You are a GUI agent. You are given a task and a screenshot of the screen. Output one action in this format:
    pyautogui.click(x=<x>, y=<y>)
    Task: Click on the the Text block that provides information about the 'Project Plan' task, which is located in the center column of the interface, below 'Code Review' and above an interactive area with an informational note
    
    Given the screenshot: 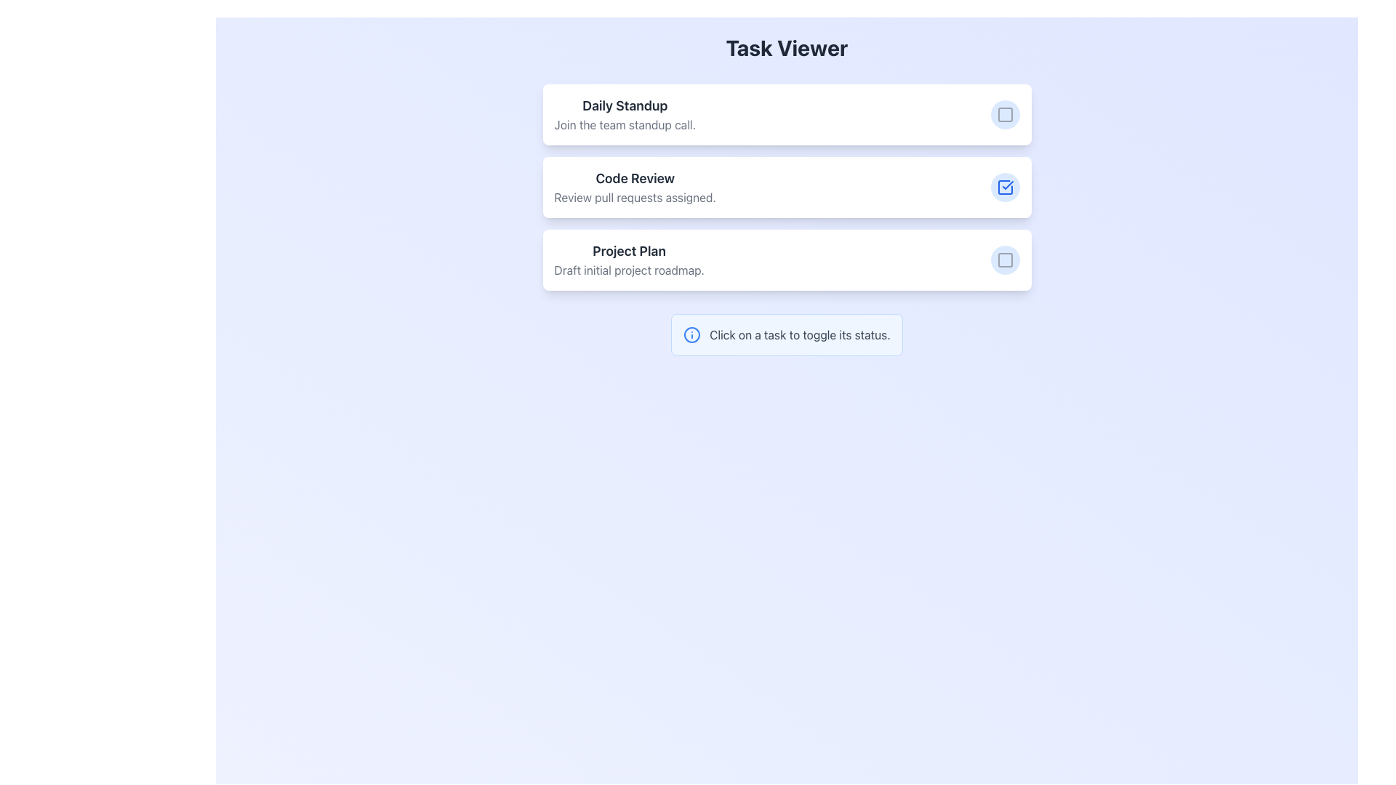 What is the action you would take?
    pyautogui.click(x=629, y=259)
    